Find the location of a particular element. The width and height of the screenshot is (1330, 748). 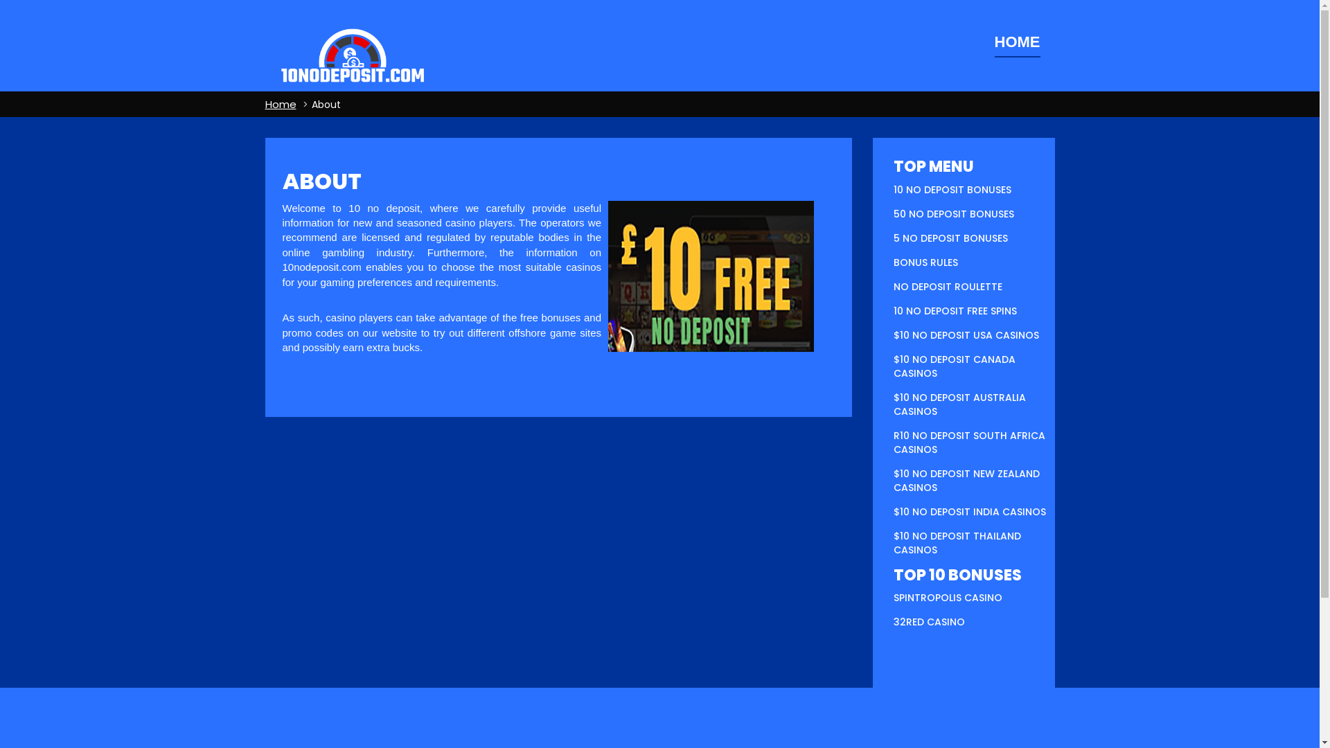

'10 NO DEPOSIT BONUSES' is located at coordinates (951, 189).